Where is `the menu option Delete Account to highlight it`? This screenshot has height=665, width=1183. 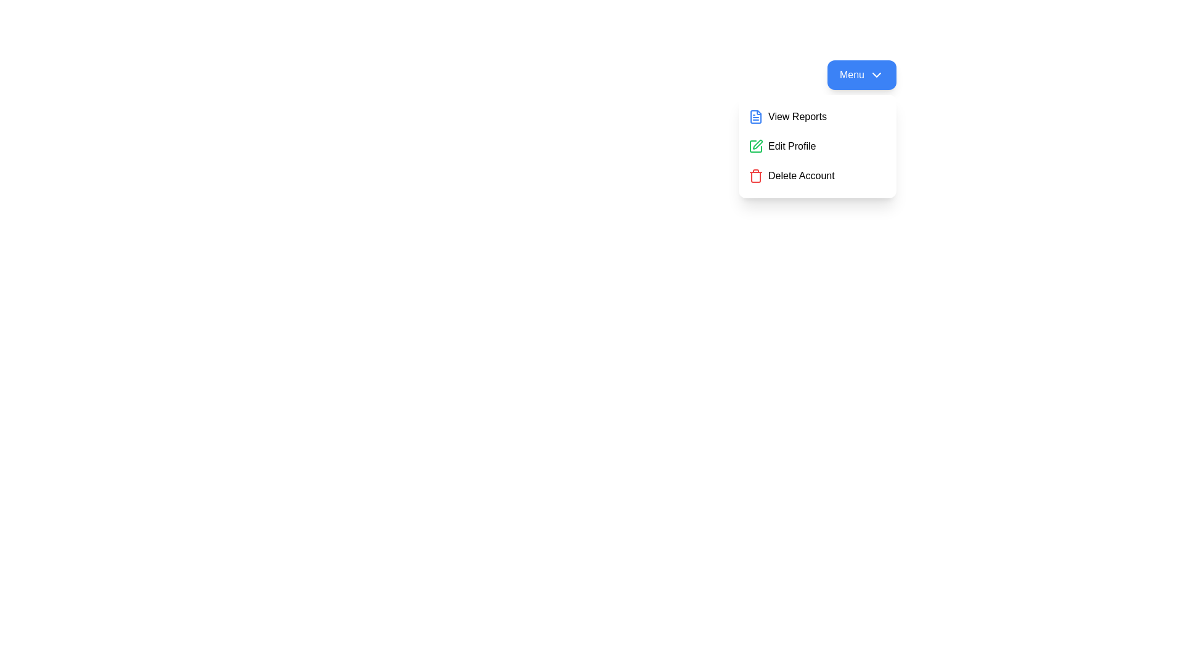
the menu option Delete Account to highlight it is located at coordinates (818, 175).